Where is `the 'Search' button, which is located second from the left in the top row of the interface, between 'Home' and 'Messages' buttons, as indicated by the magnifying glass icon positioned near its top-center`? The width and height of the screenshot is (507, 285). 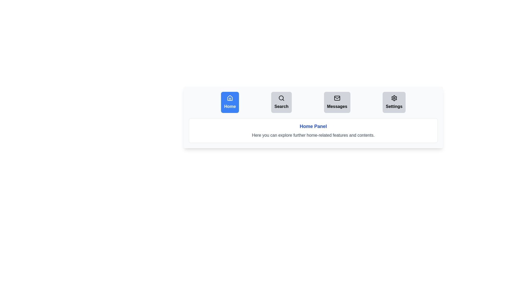
the 'Search' button, which is located second from the left in the top row of the interface, between 'Home' and 'Messages' buttons, as indicated by the magnifying glass icon positioned near its top-center is located at coordinates (281, 98).